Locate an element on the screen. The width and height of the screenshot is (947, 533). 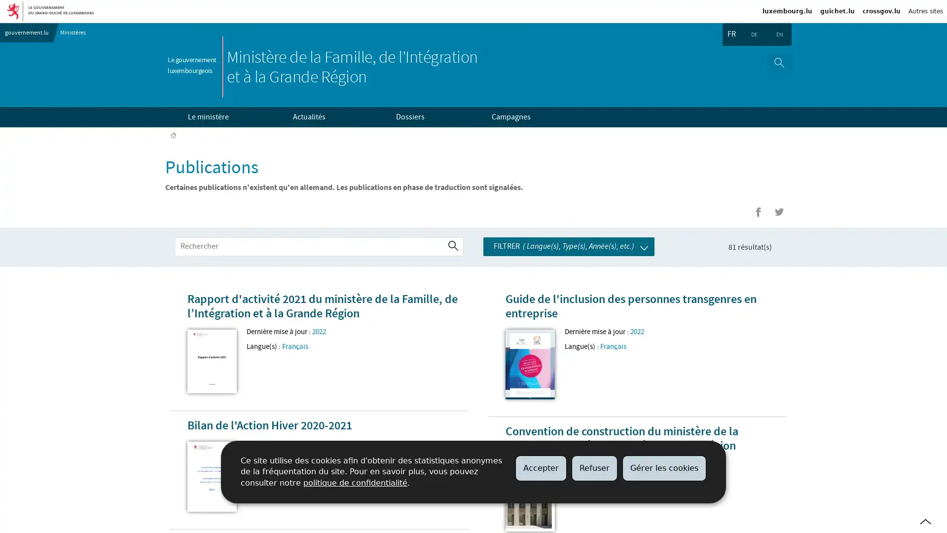
Lancer la recherche () is located at coordinates (452, 247).